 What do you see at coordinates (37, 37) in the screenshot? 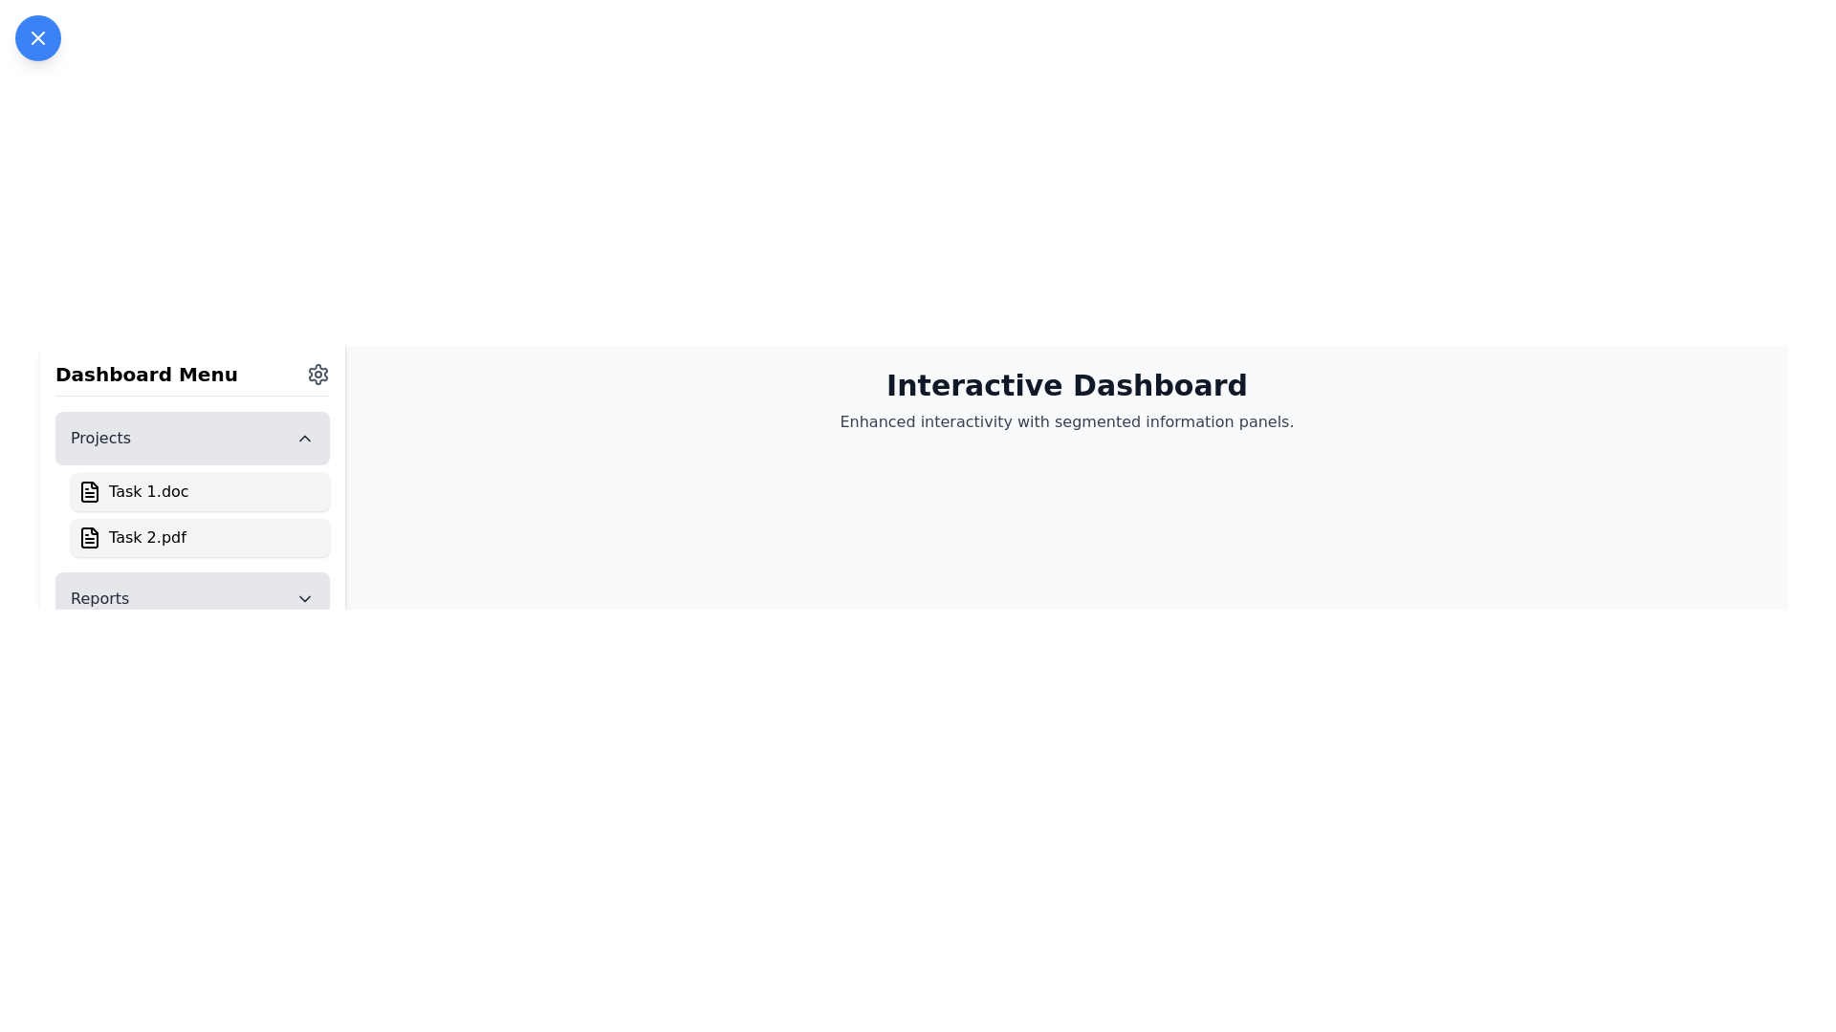
I see `the circular blue close button located in the upper left corner of the interface` at bounding box center [37, 37].